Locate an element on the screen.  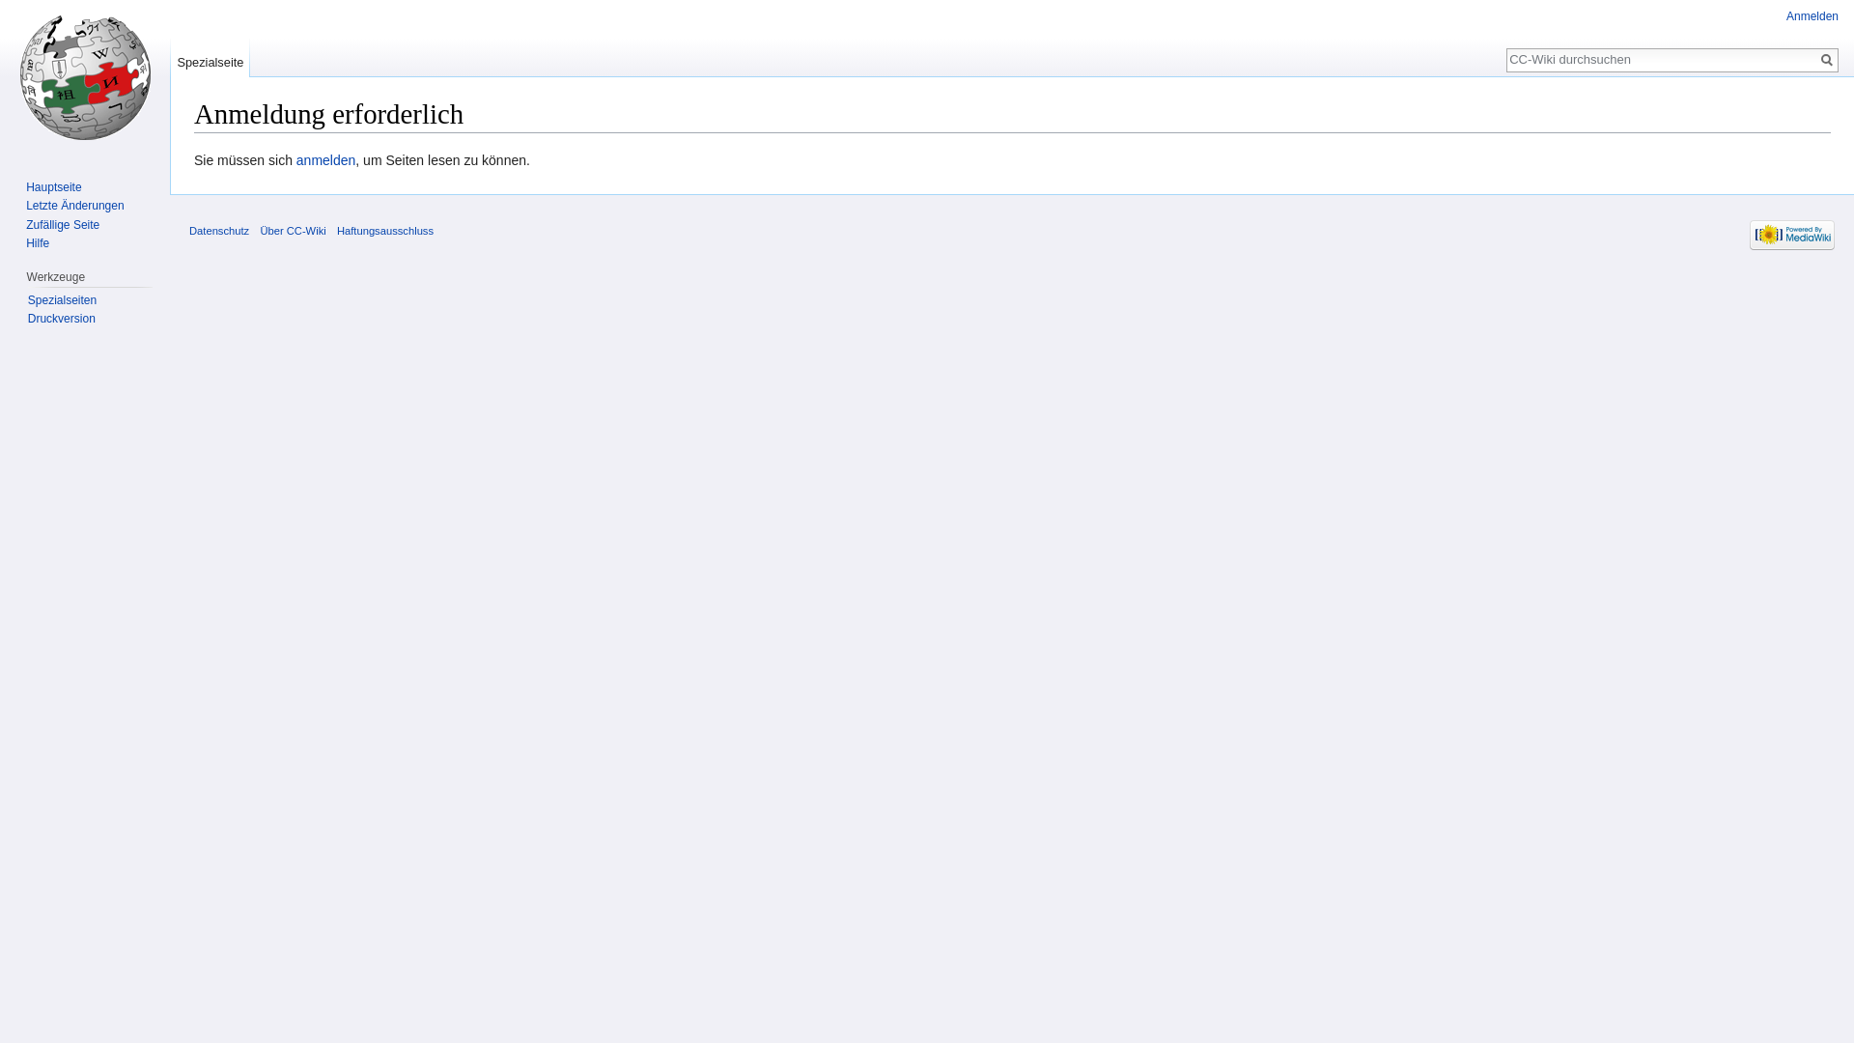
'Hauptseite' is located at coordinates (53, 186).